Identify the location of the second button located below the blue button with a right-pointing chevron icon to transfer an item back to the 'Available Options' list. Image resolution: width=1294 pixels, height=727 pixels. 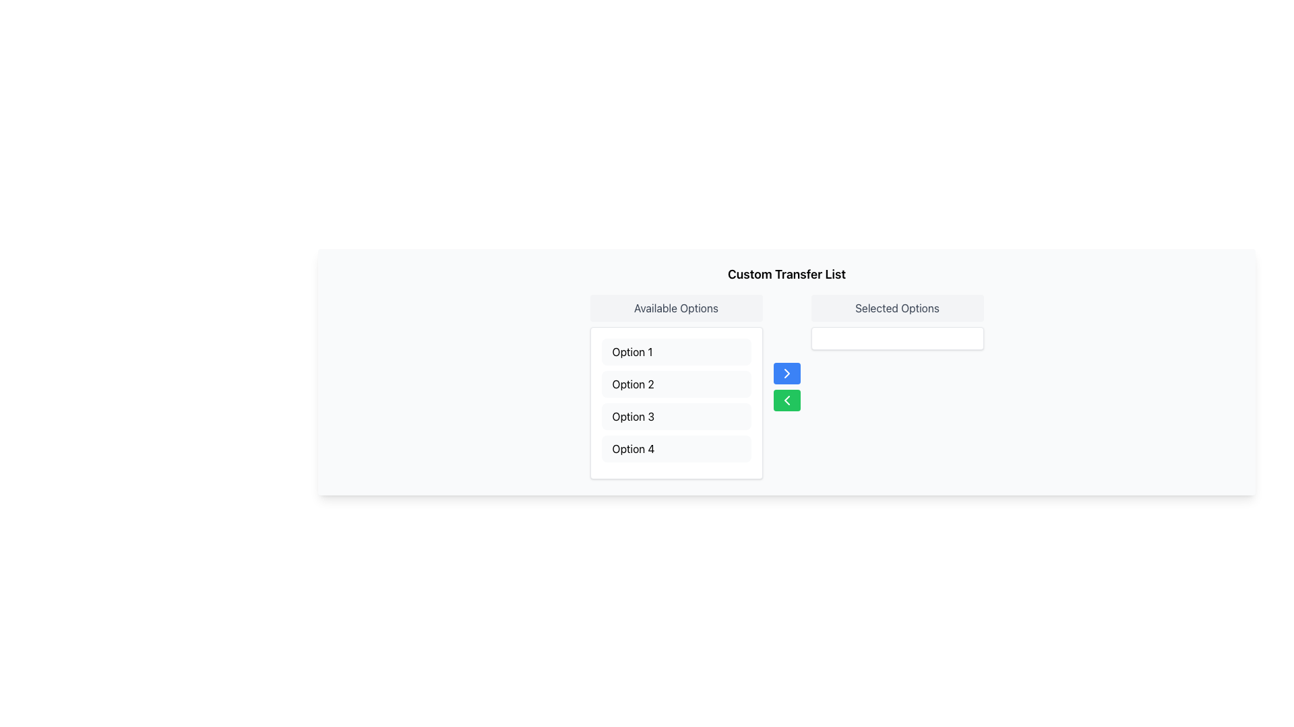
(787, 399).